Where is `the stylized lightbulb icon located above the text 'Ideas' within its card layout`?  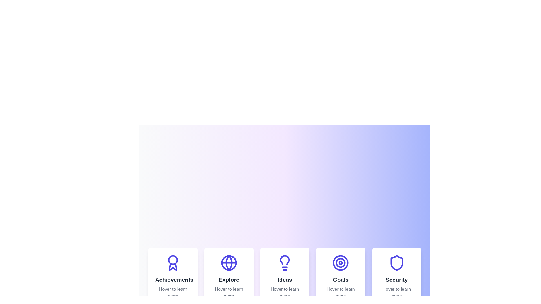
the stylized lightbulb icon located above the text 'Ideas' within its card layout is located at coordinates (285, 263).